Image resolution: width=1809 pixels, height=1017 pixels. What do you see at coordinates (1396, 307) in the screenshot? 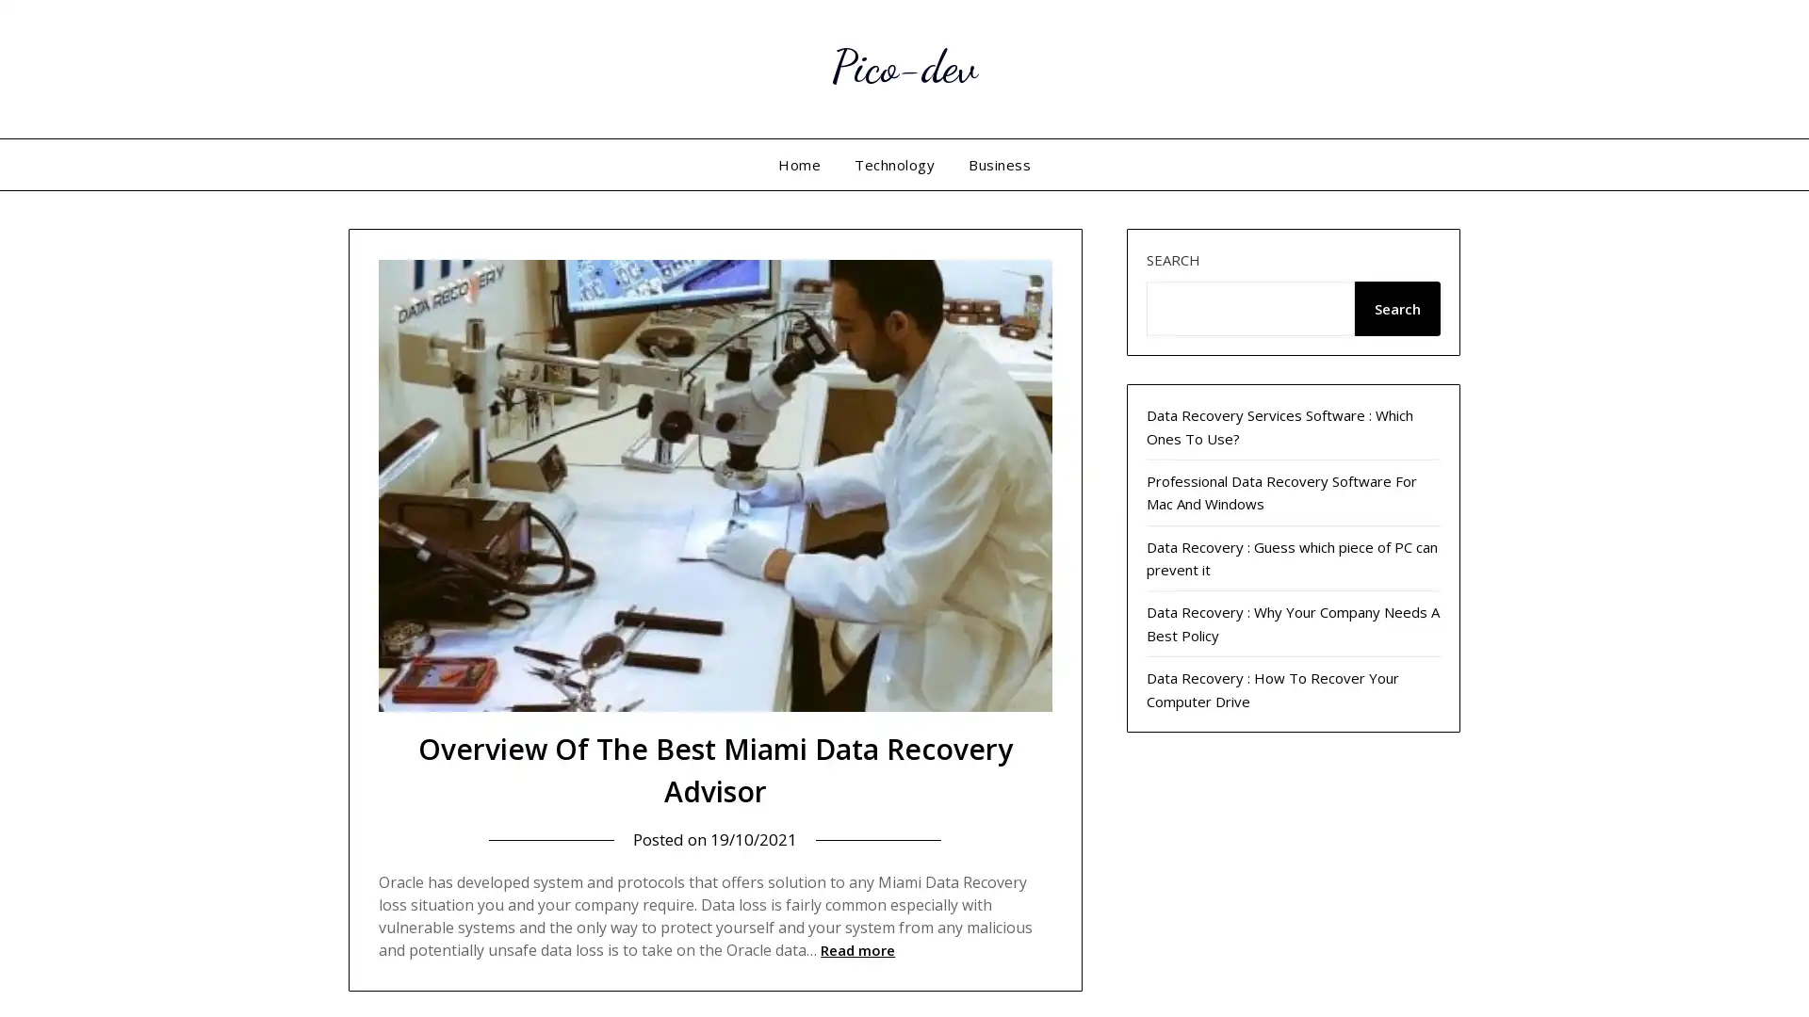
I see `Search` at bounding box center [1396, 307].